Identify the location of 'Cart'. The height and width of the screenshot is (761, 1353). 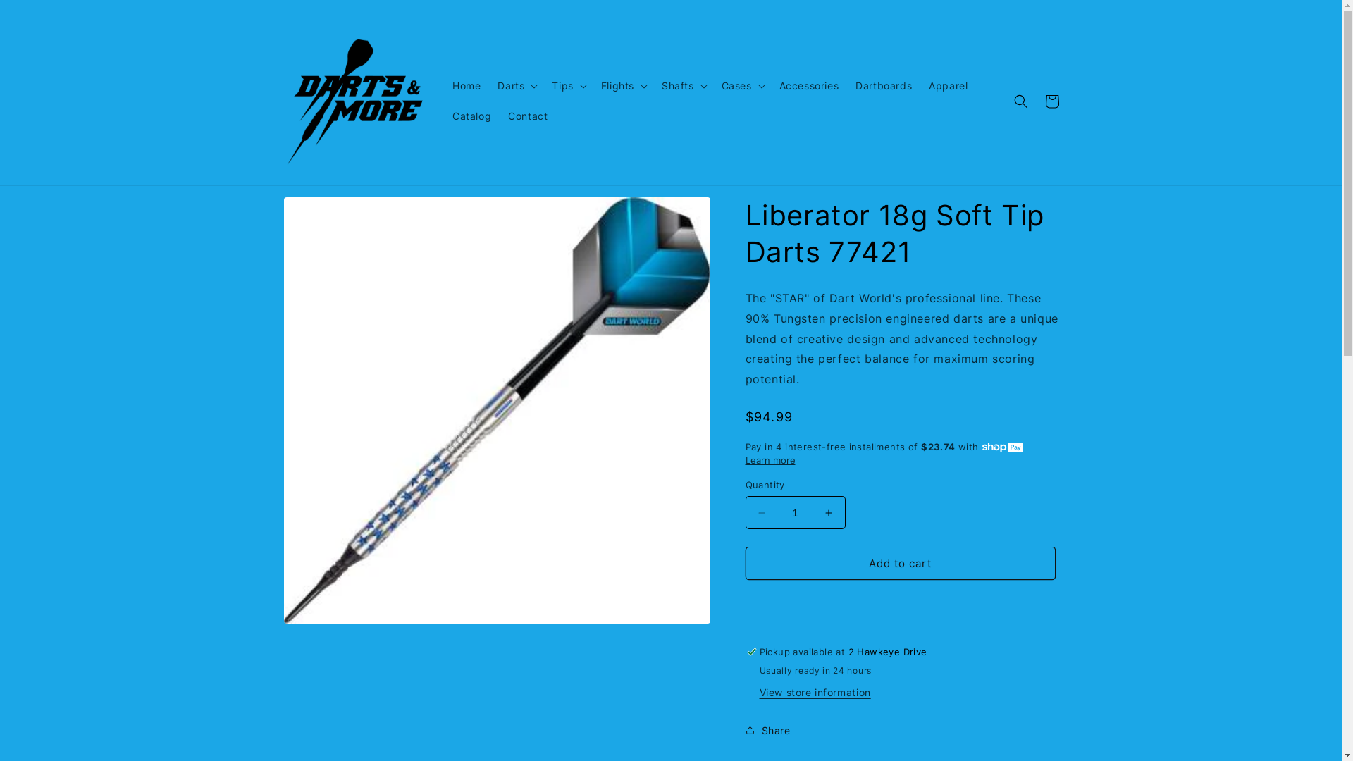
(1051, 100).